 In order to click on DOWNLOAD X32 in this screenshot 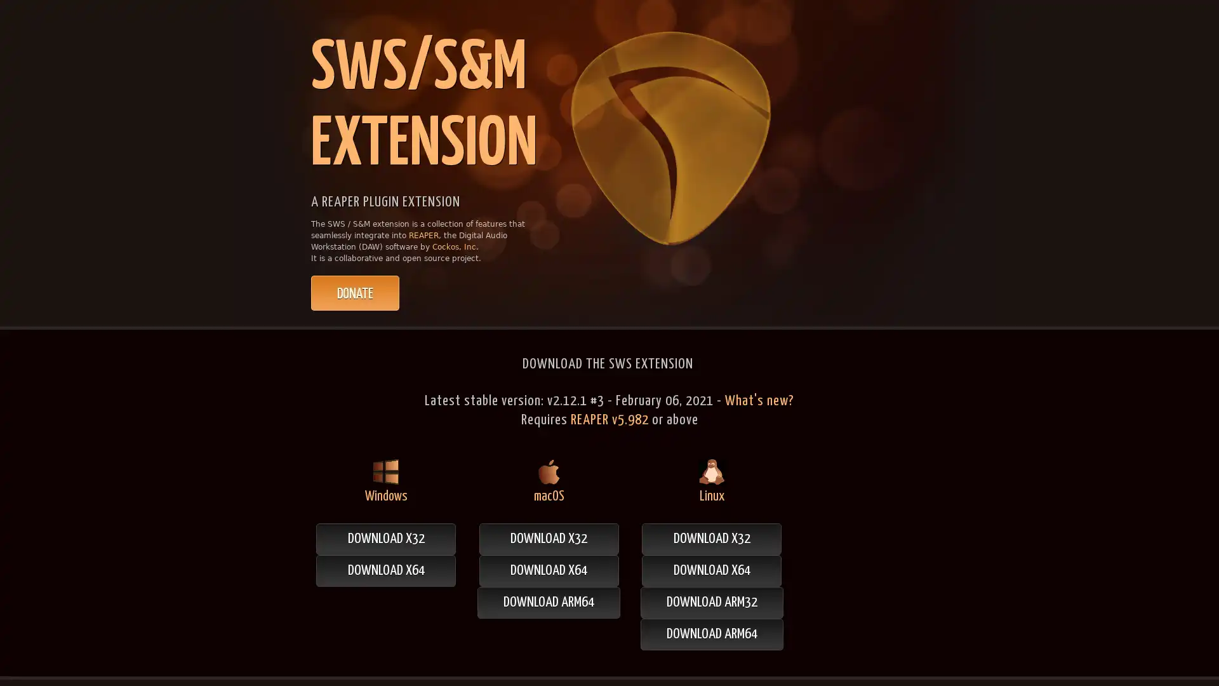, I will do `click(813, 539)`.